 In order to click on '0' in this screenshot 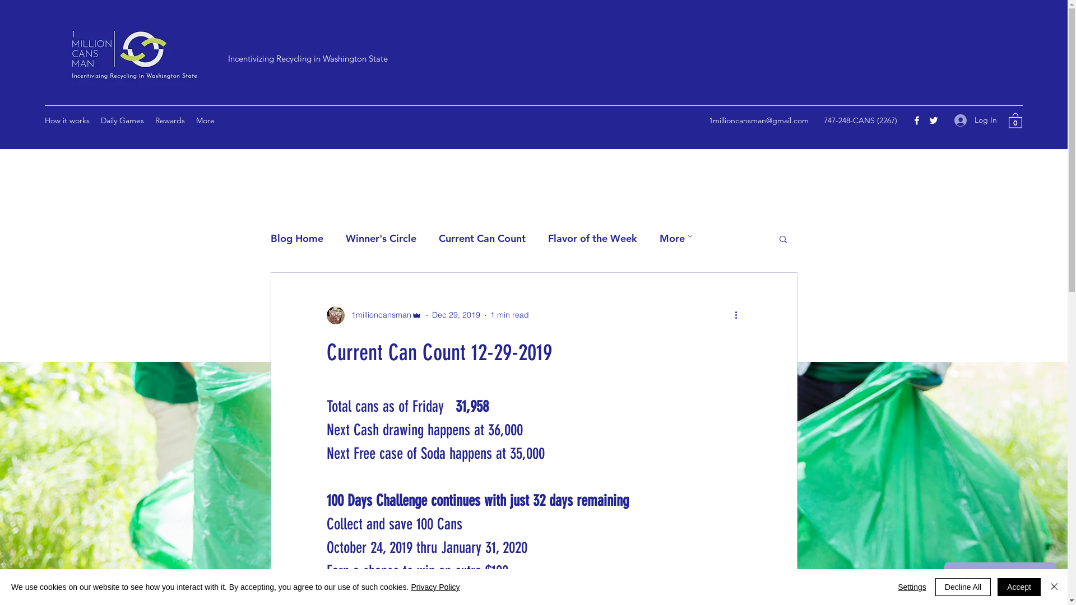, I will do `click(1015, 120)`.